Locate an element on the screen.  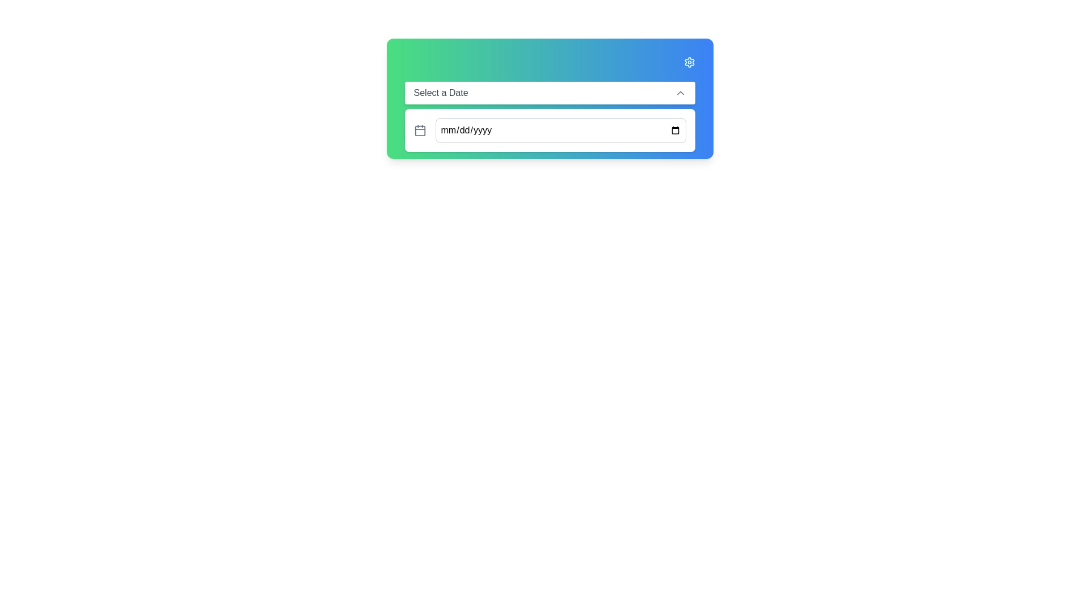
the upwards pointing chevron icon located to the right of the 'Select a Date' label is located at coordinates (680, 93).